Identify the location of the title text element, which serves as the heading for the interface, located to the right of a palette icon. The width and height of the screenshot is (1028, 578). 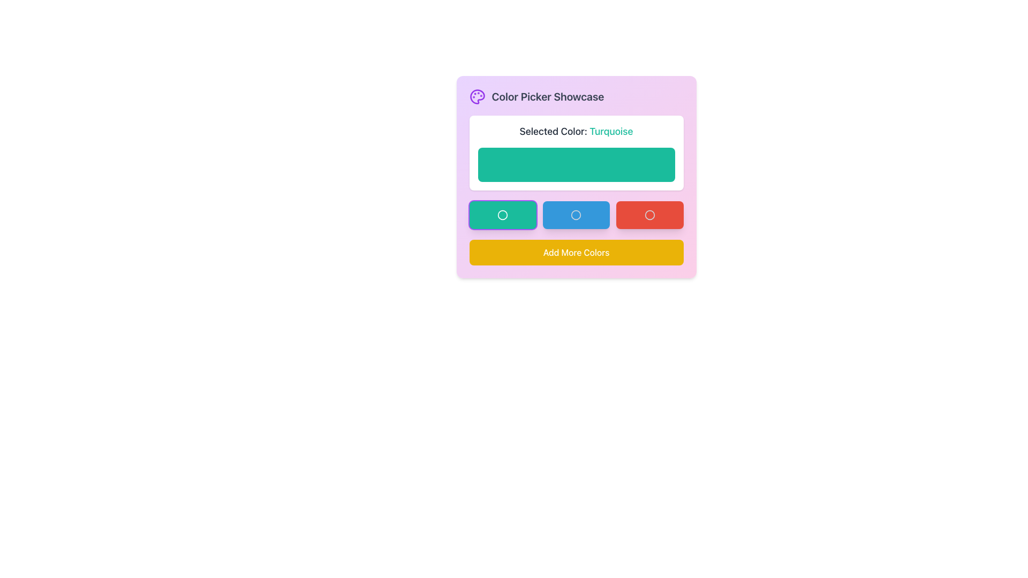
(548, 97).